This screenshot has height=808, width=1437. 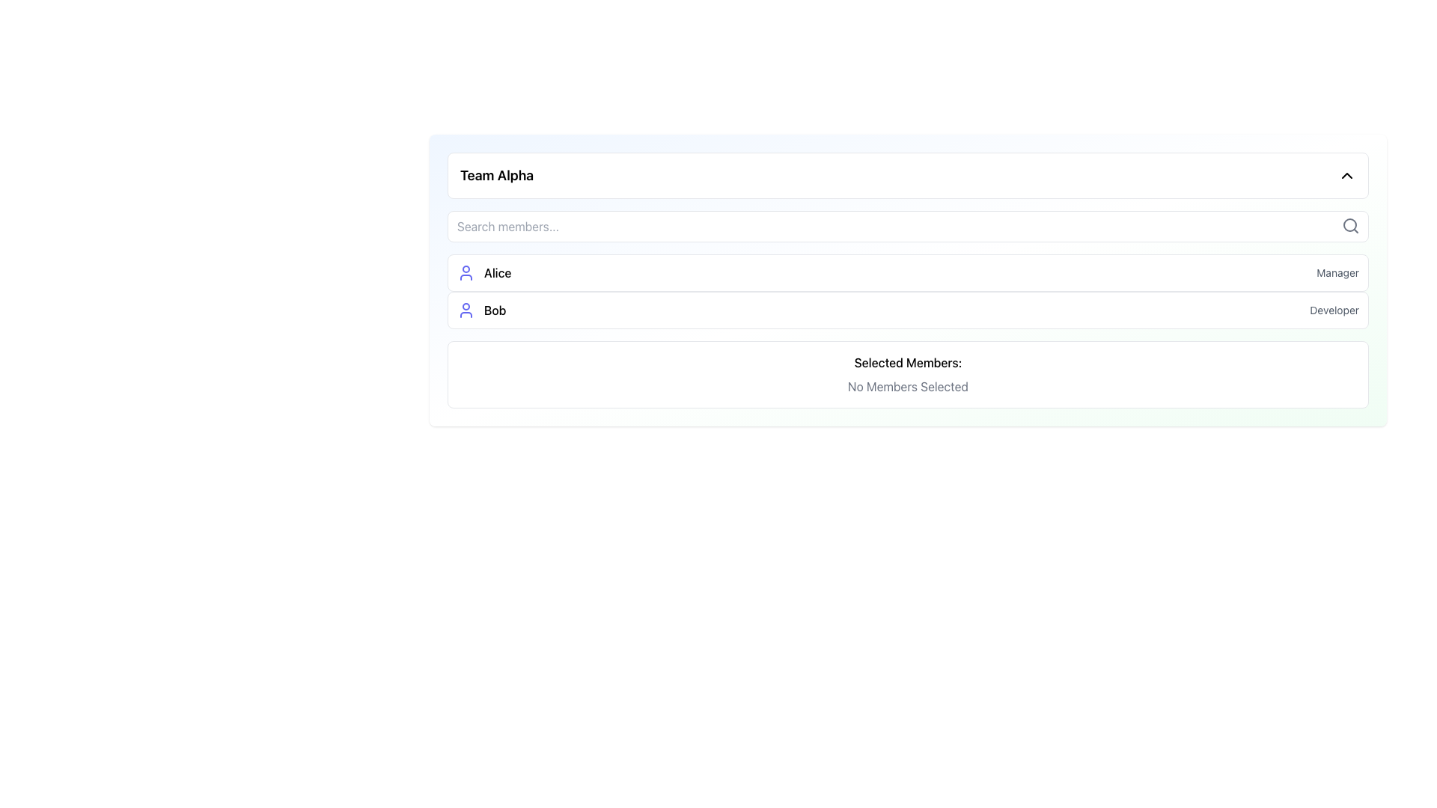 I want to click on the text label displaying 'Selected Members:' which is located at the top of the member selection section, so click(x=907, y=363).